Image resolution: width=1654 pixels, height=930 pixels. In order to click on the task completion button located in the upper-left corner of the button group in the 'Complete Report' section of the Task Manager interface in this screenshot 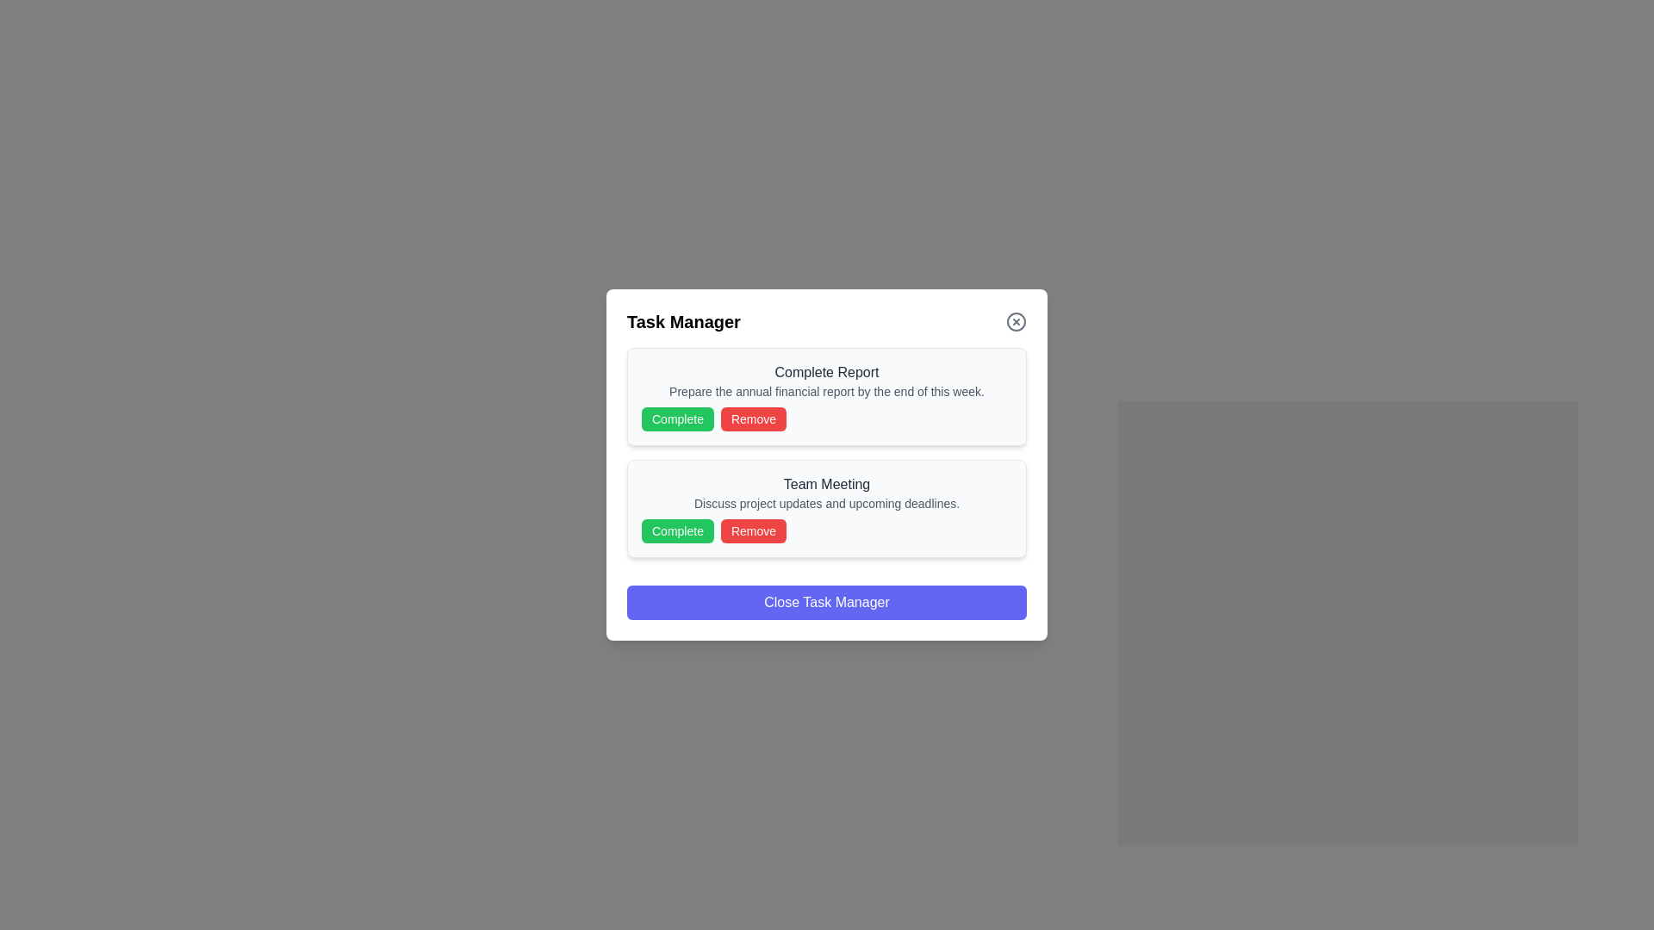, I will do `click(677, 418)`.